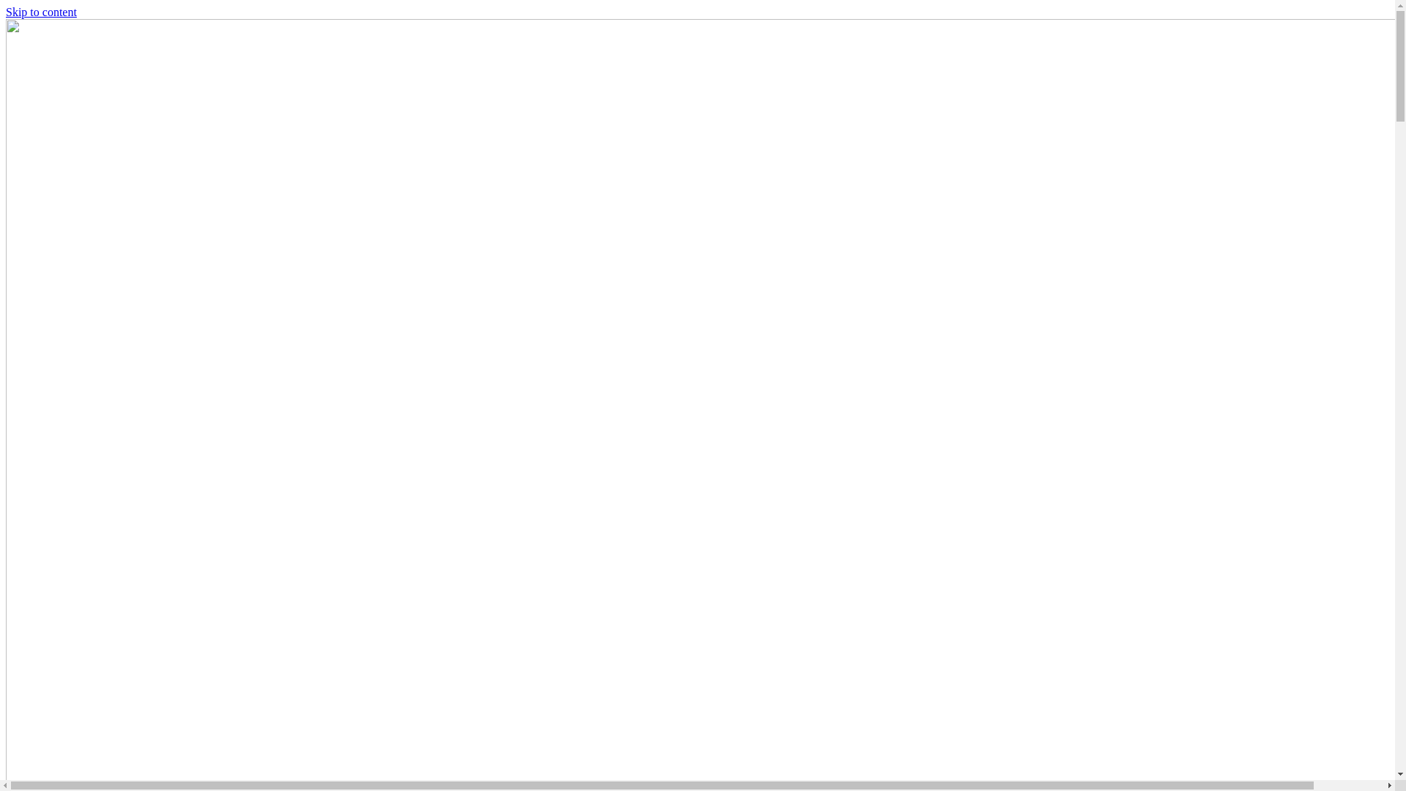  Describe the element at coordinates (41, 12) in the screenshot. I see `'Skip to content'` at that location.